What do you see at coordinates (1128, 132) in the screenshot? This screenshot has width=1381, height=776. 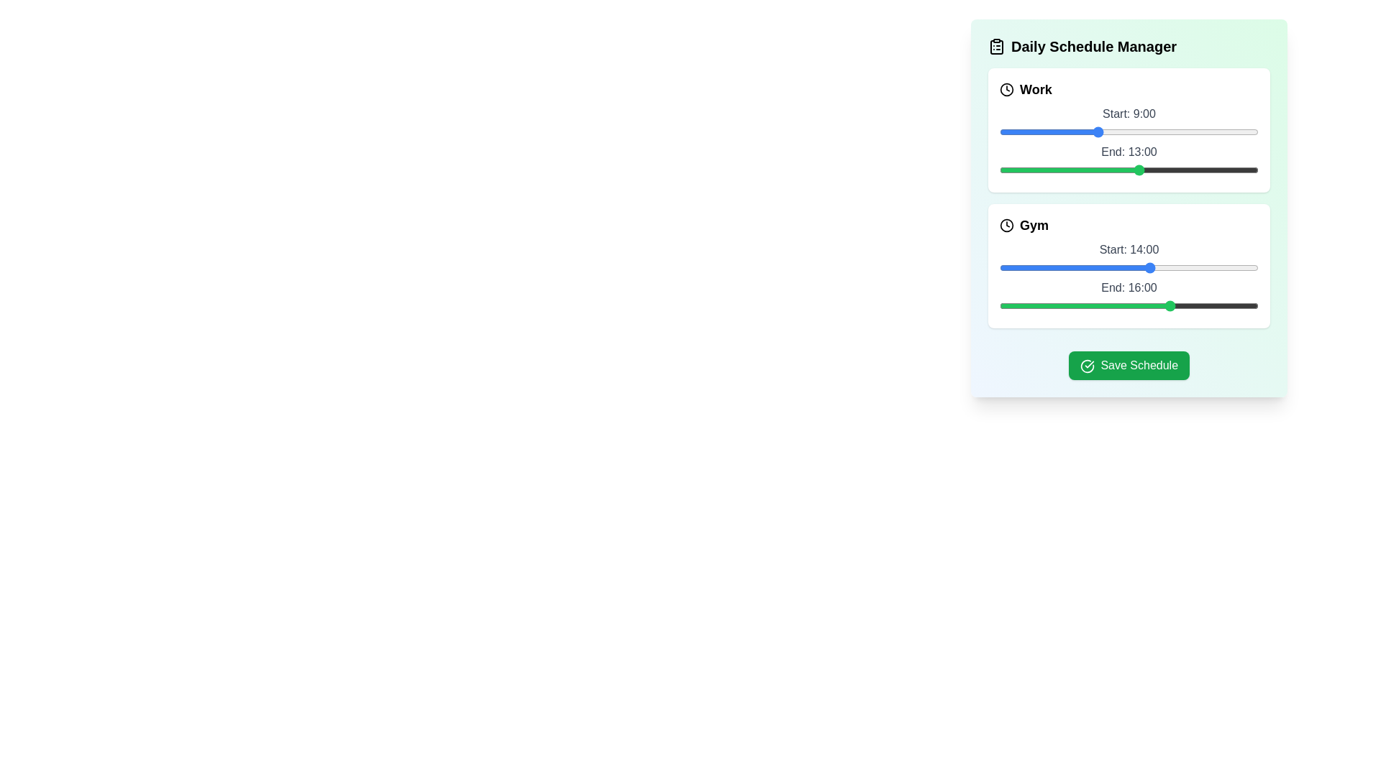 I see `the start time of the 'Work' task to 12 hours using the slider` at bounding box center [1128, 132].